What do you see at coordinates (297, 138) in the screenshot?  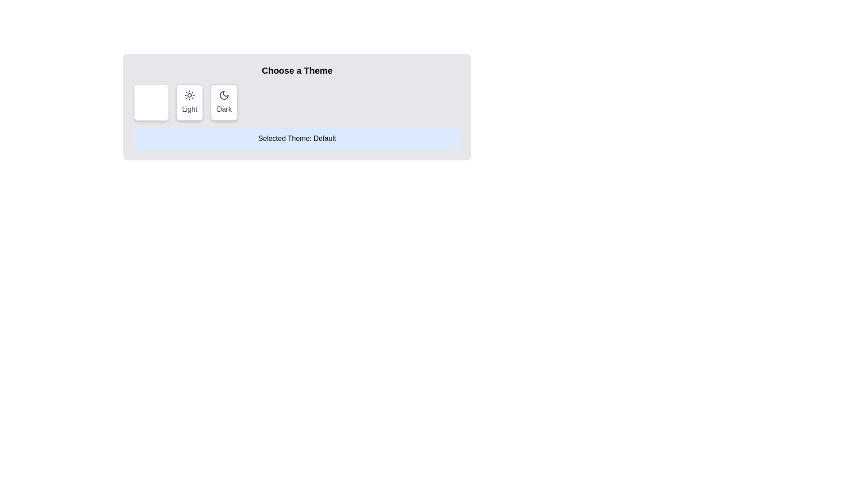 I see `the text display element that shows the currently selected theme, located below the 'Light' and 'Dark' buttons in the 'Choose a Theme' card` at bounding box center [297, 138].